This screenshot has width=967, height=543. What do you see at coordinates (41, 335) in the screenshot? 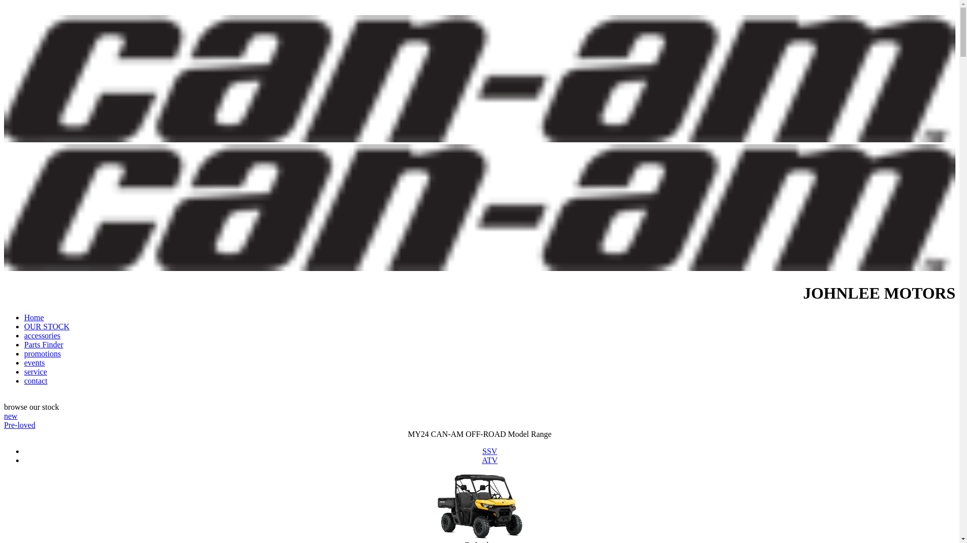
I see `'accessories'` at bounding box center [41, 335].